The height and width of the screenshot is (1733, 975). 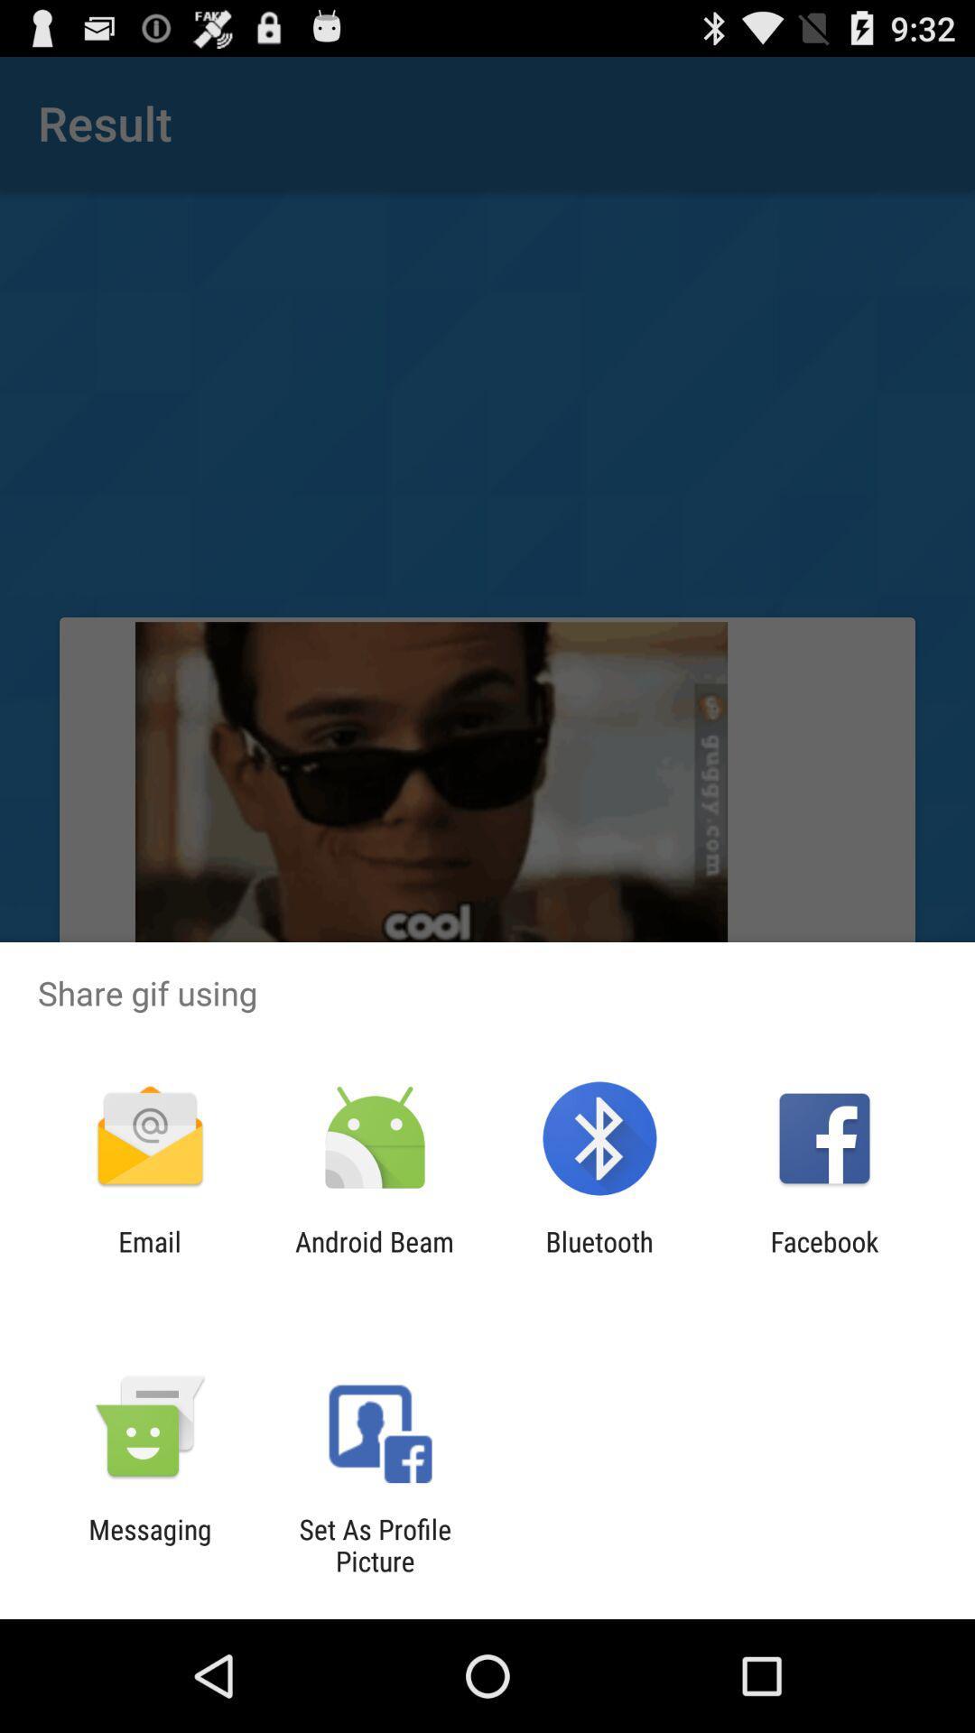 I want to click on facebook app, so click(x=824, y=1256).